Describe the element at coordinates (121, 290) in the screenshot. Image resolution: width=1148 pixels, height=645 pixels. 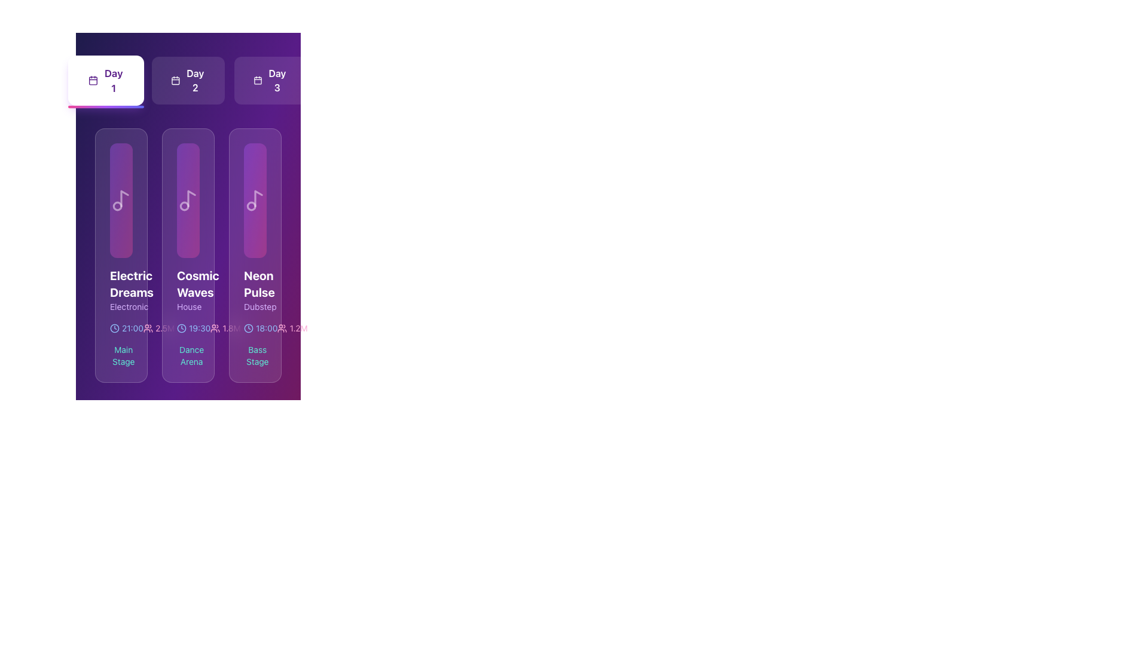
I see `the text label indicating the name of the event and its genre/type in the event schedule section labeled 'Day 1'` at that location.